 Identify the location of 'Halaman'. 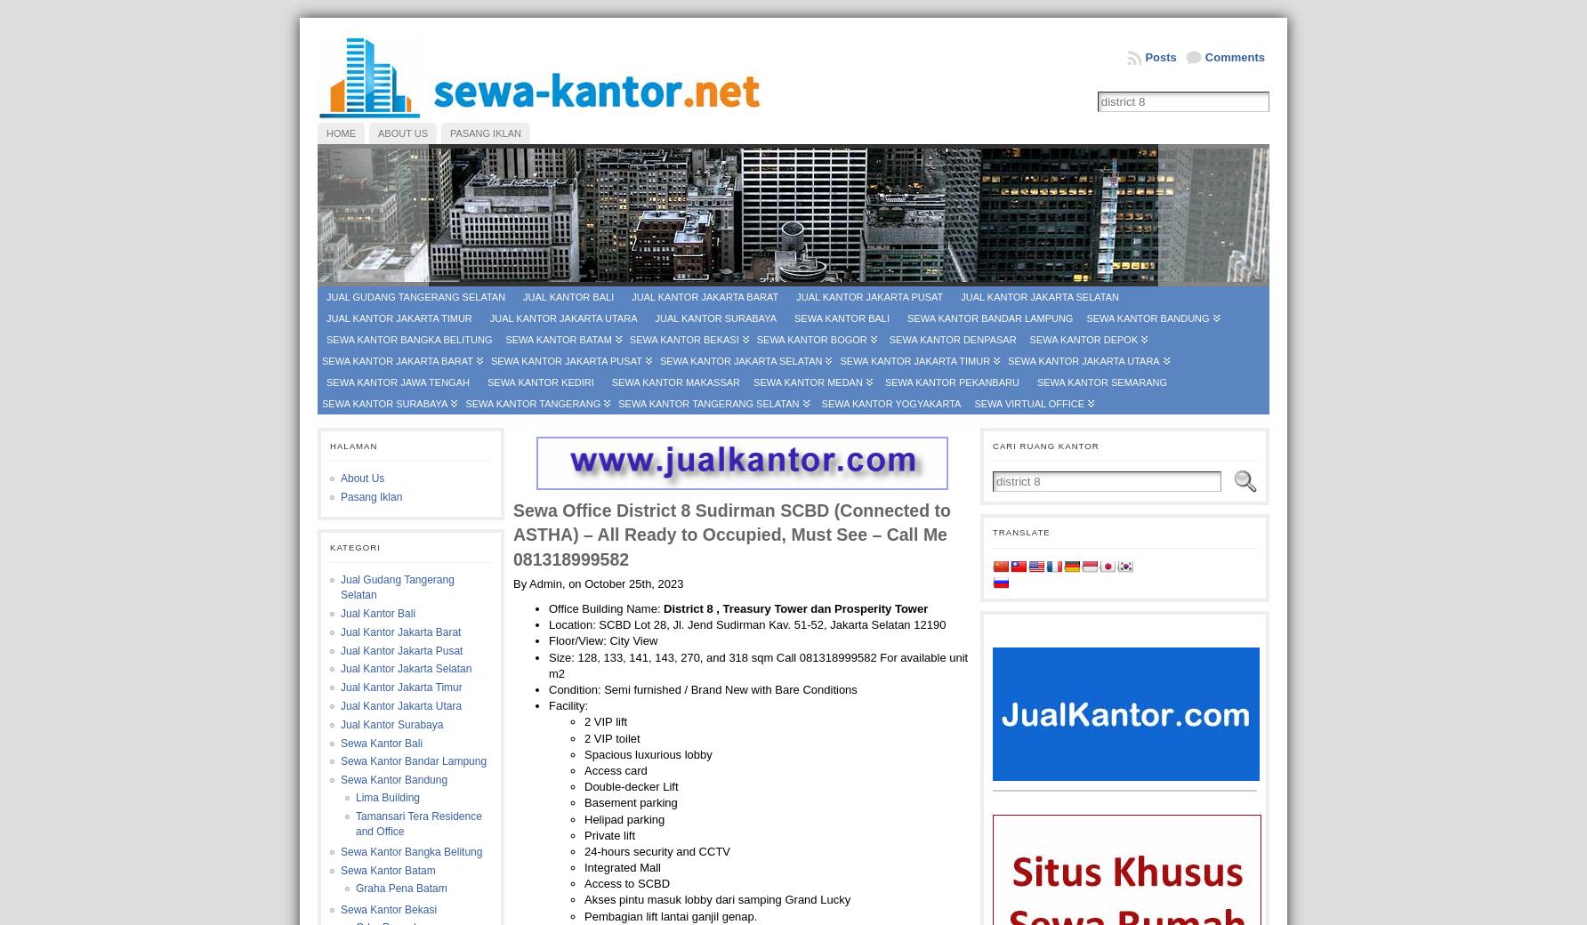
(329, 446).